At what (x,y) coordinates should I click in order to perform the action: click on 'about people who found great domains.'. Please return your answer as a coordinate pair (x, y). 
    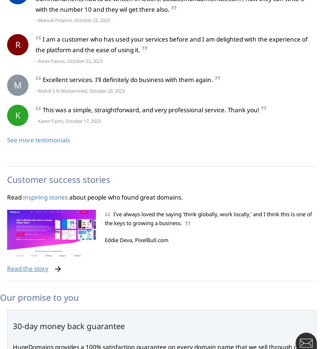
    Looking at the image, I should click on (125, 197).